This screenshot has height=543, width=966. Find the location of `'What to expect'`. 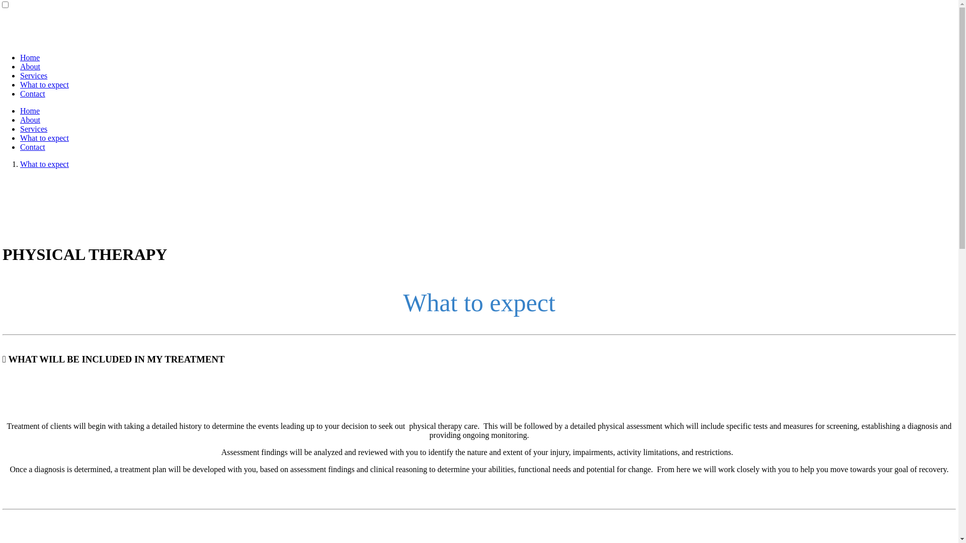

'What to expect' is located at coordinates (44, 138).